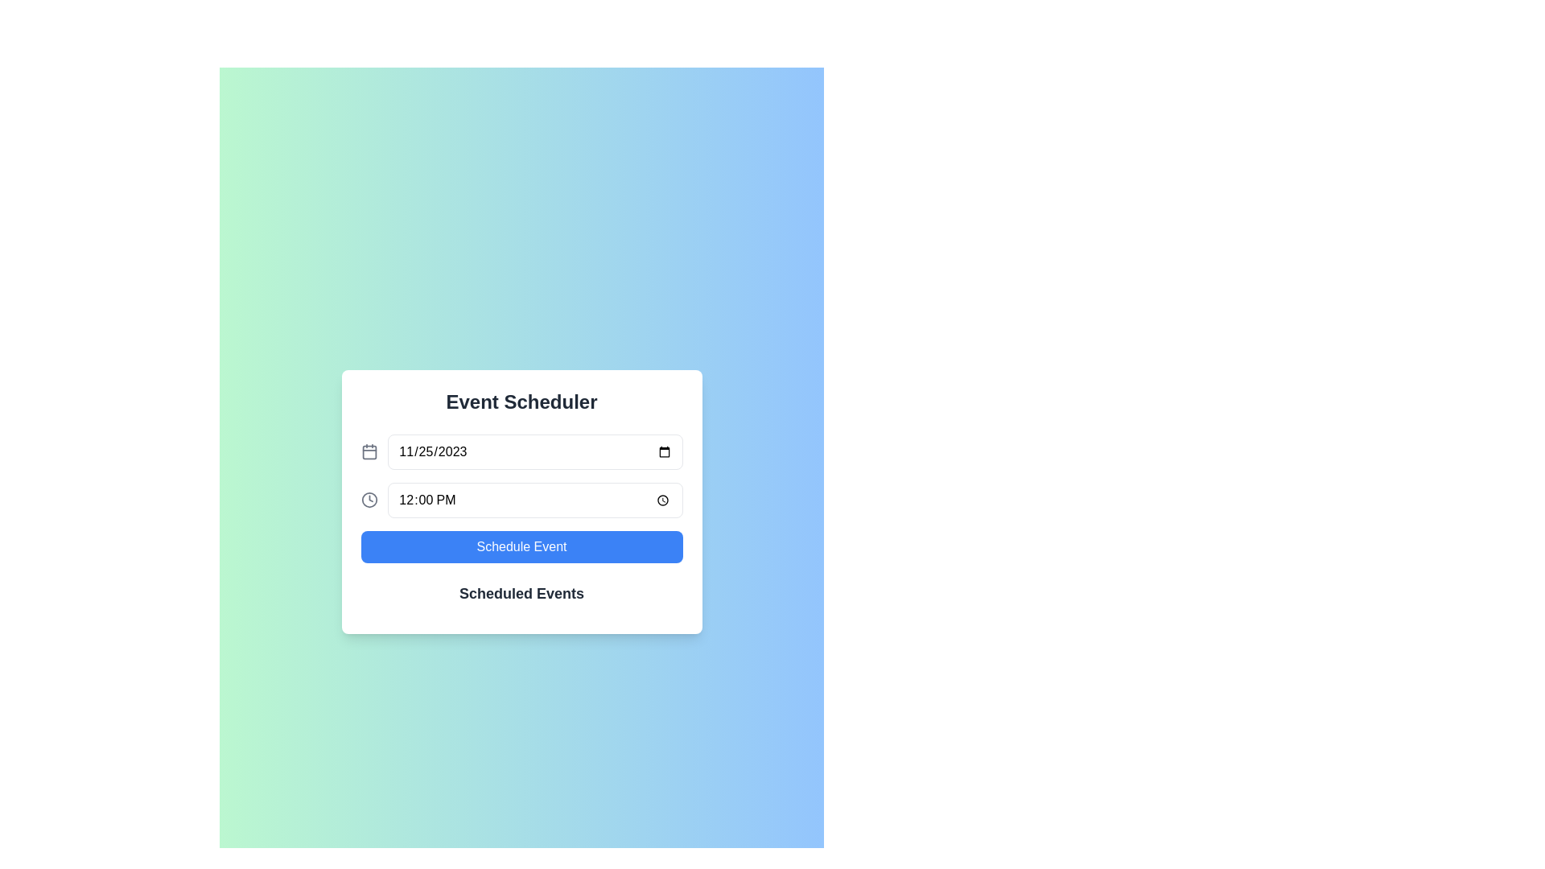  I want to click on the circular outline of the analog clock icon, which is the outermost portion of the clock element located next to the time input field in the event scheduler interface, so click(369, 499).